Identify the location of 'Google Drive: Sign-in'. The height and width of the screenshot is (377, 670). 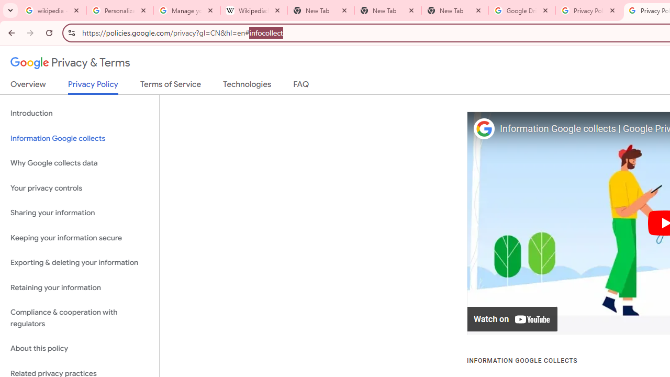
(522, 10).